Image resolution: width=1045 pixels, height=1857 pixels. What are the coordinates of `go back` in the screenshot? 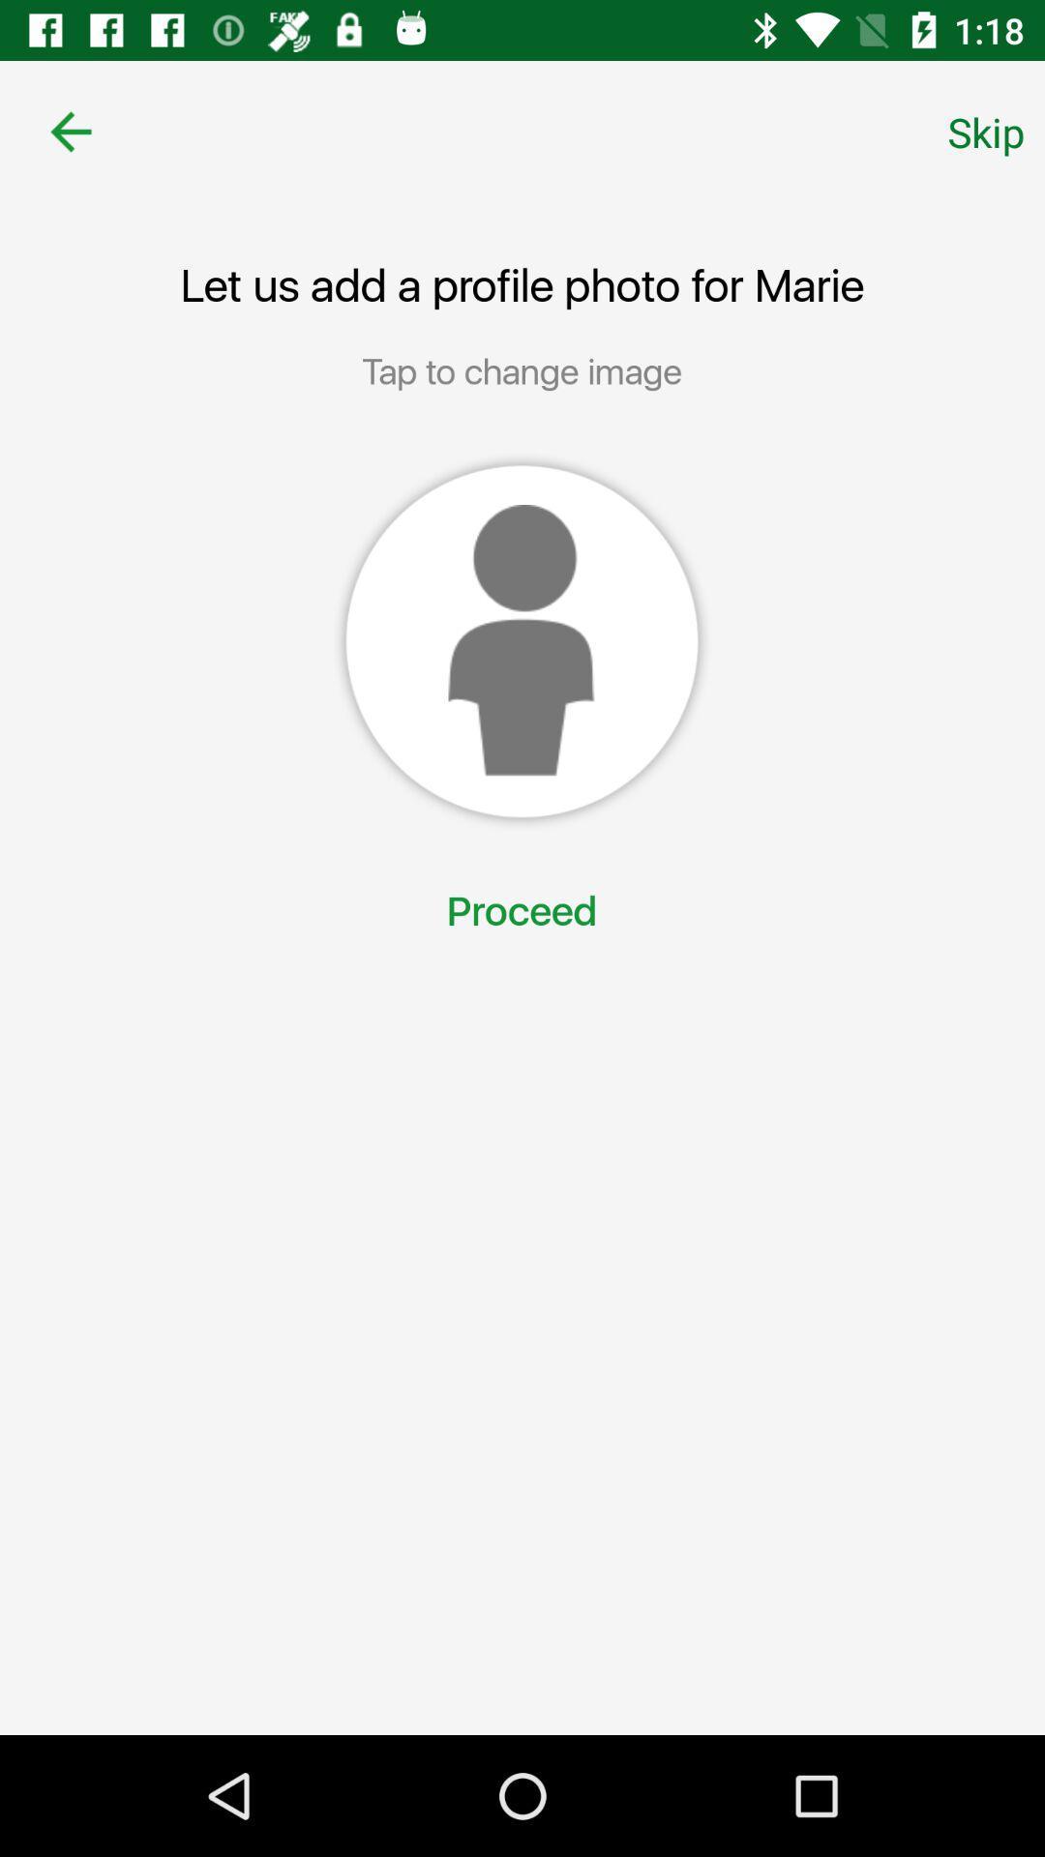 It's located at (70, 131).